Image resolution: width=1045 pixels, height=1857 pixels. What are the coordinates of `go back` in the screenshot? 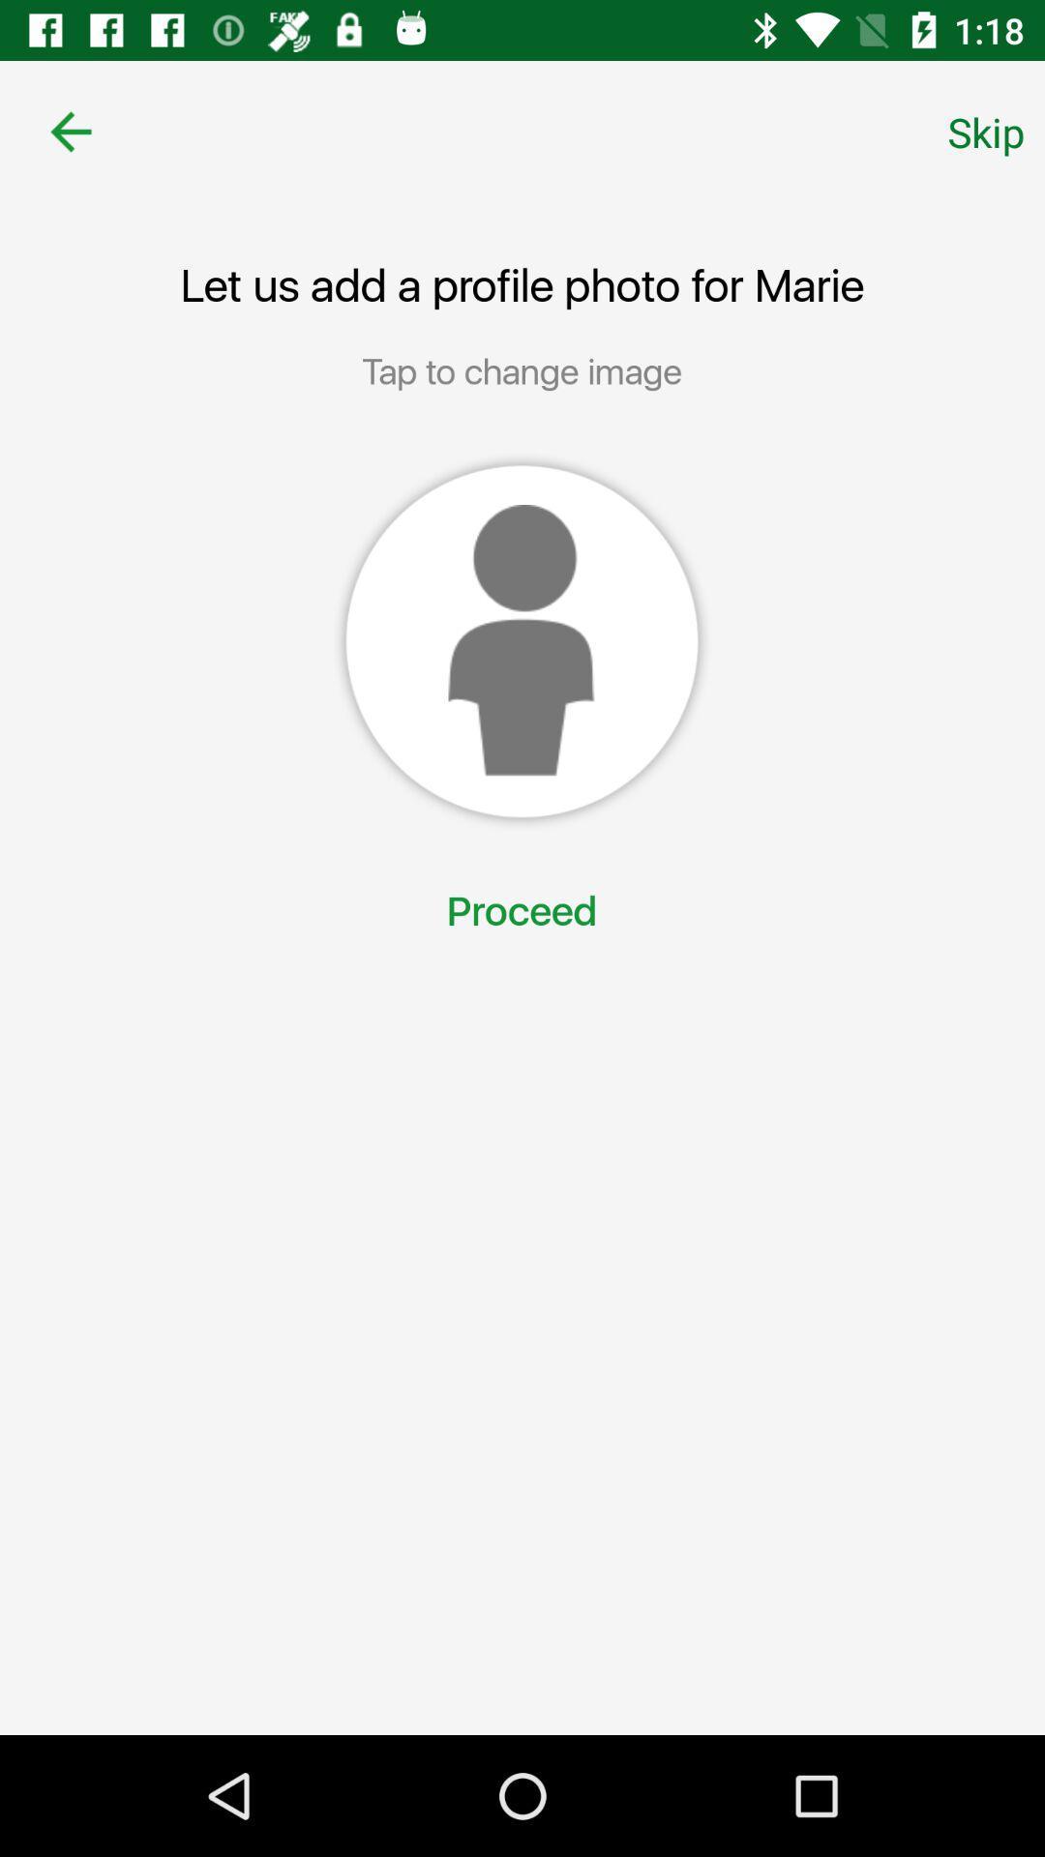 It's located at (70, 131).